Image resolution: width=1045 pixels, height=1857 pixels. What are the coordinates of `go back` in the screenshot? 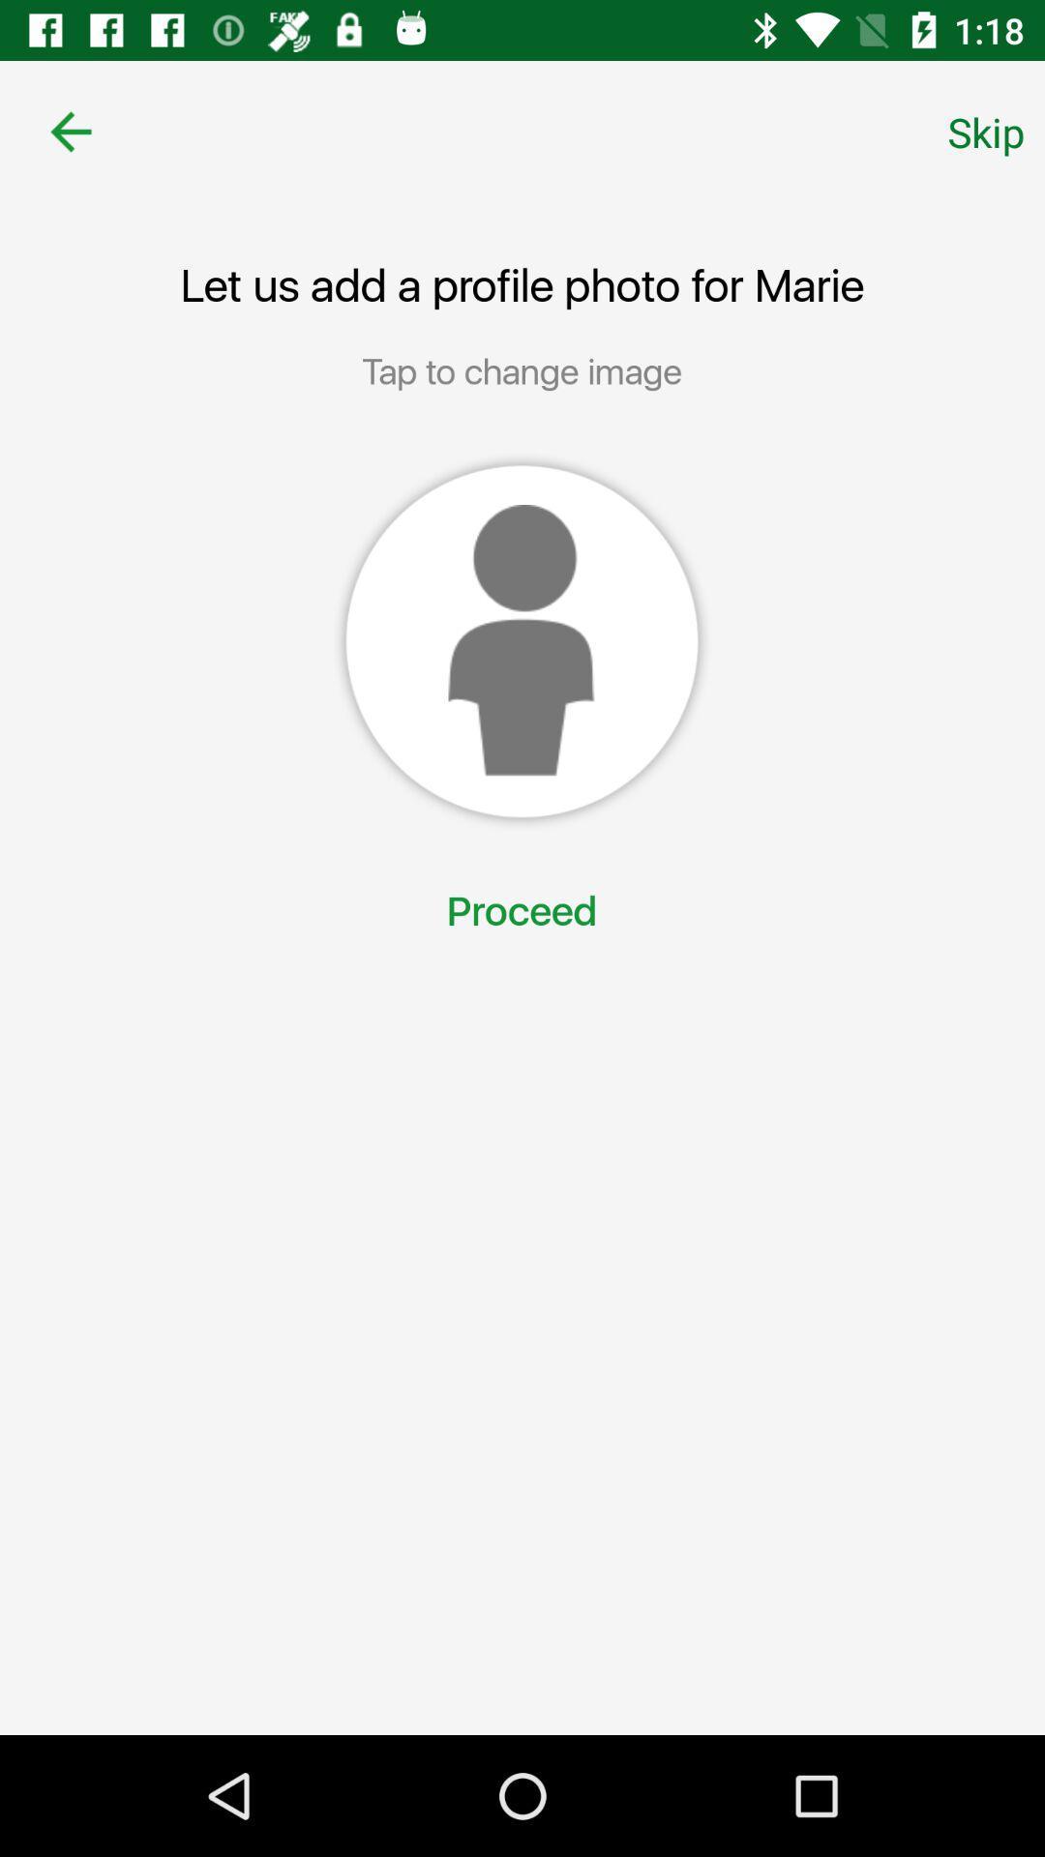 It's located at (70, 131).